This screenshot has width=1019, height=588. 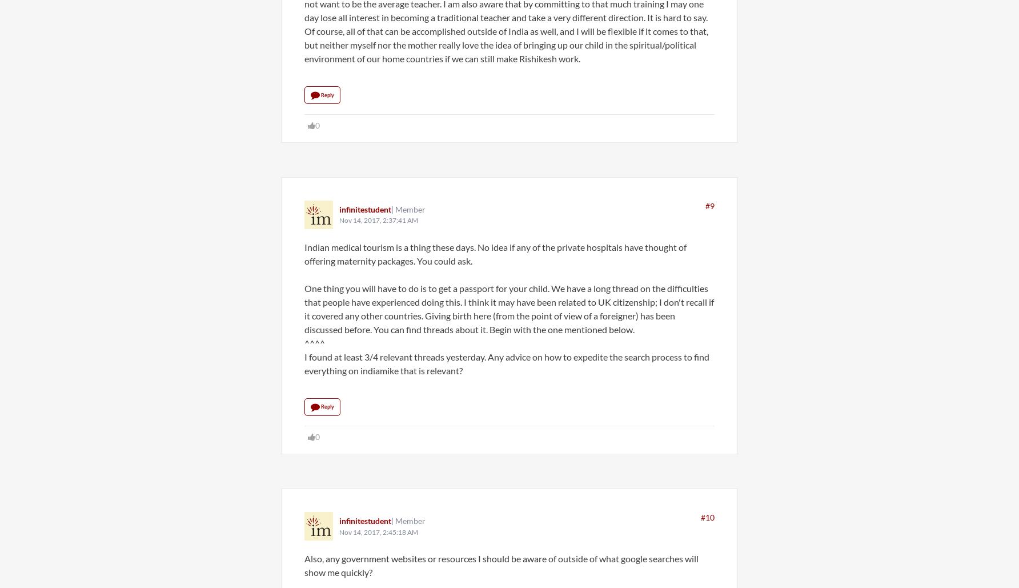 What do you see at coordinates (705, 205) in the screenshot?
I see `'#9'` at bounding box center [705, 205].